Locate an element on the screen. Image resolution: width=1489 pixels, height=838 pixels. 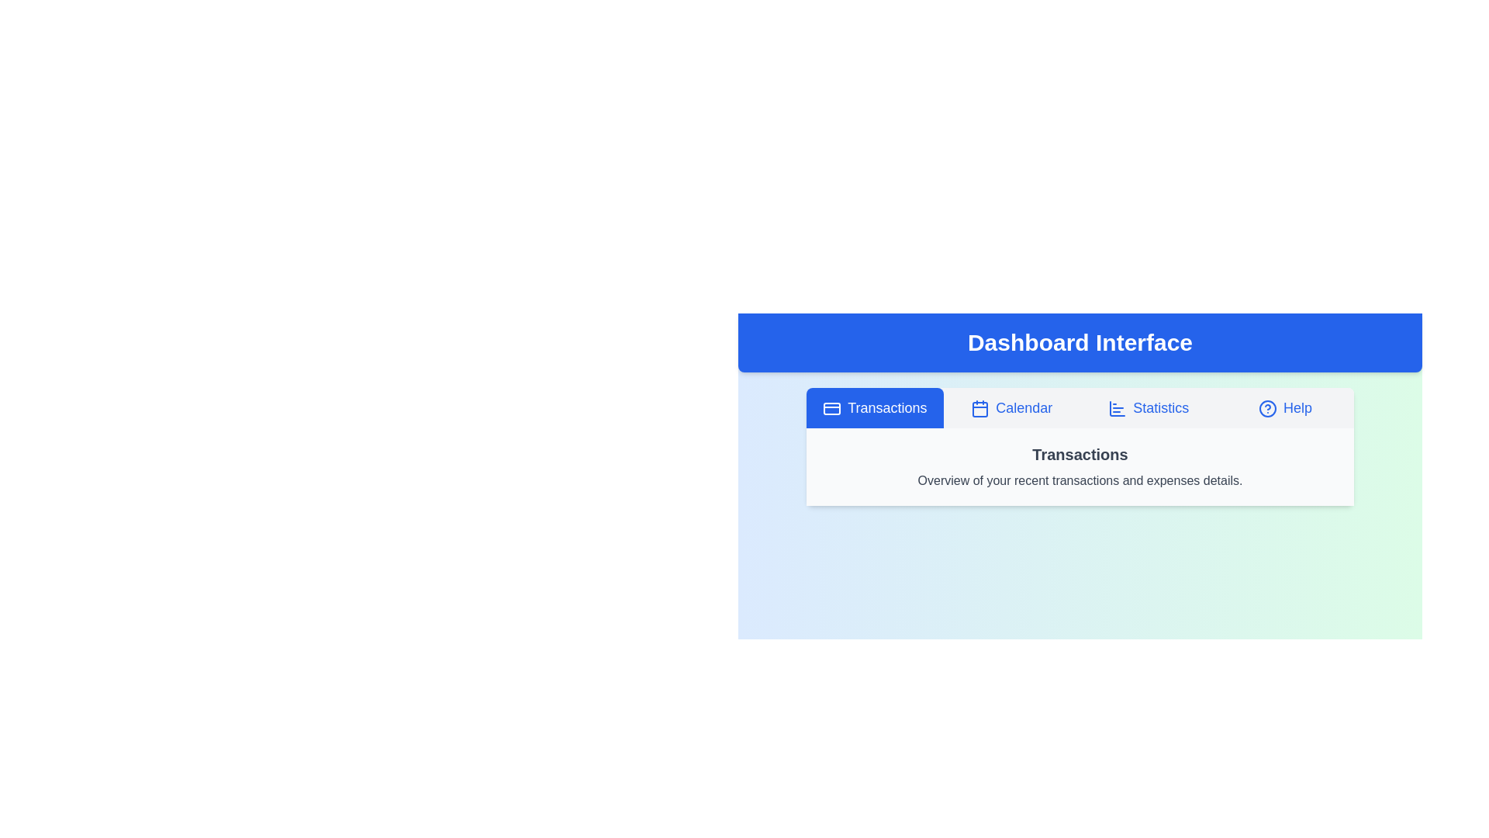
the tab labeled Transactions is located at coordinates (875, 407).